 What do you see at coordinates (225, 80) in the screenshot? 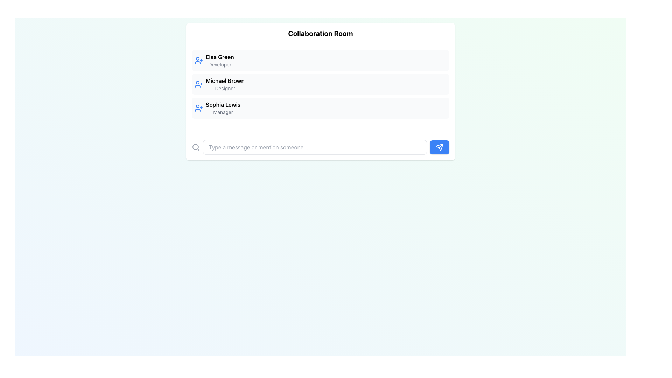
I see `text content of the user name label 'Michael Brown' located in the central panel of the 'Collaboration Room' interface` at bounding box center [225, 80].